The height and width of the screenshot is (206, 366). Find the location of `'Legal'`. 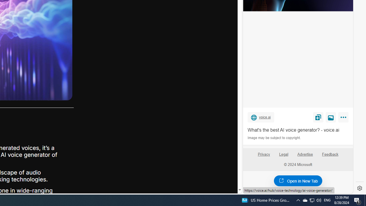

'Legal' is located at coordinates (284, 157).